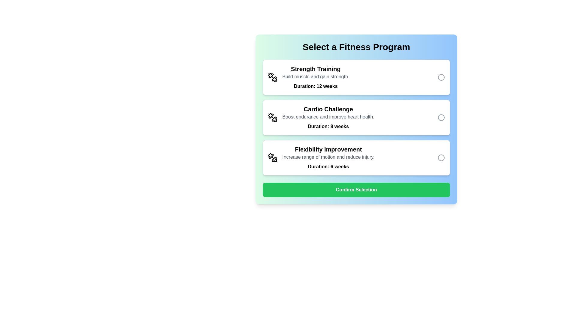  What do you see at coordinates (328, 118) in the screenshot?
I see `the Information Panel displaying 'Cardio Challenge' with descriptive text about endurance and heart health, located in the second position of the fitness program card list` at bounding box center [328, 118].